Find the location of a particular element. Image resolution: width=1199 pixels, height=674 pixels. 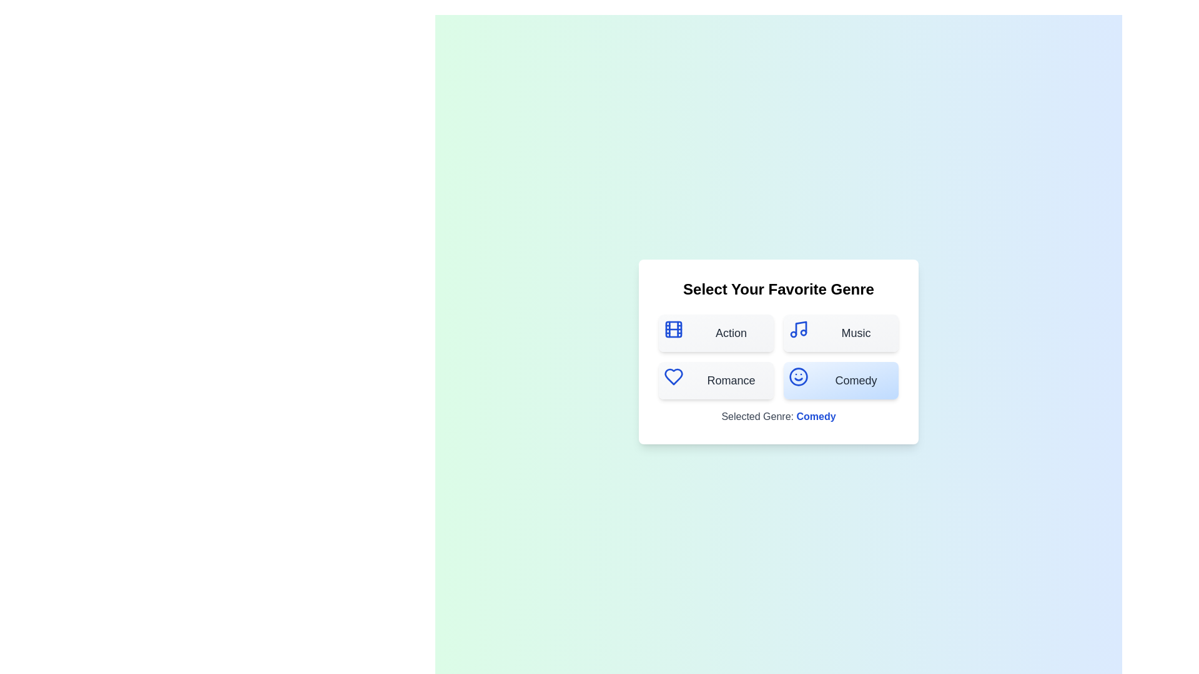

the 'Comedy' button, which is the fourth button in the genre selection section is located at coordinates (797, 376).